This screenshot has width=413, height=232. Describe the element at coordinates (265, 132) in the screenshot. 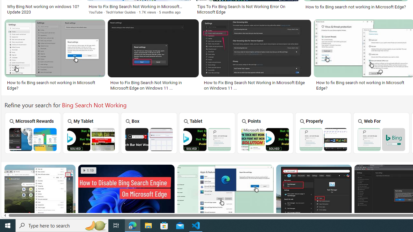

I see `'Points'` at that location.